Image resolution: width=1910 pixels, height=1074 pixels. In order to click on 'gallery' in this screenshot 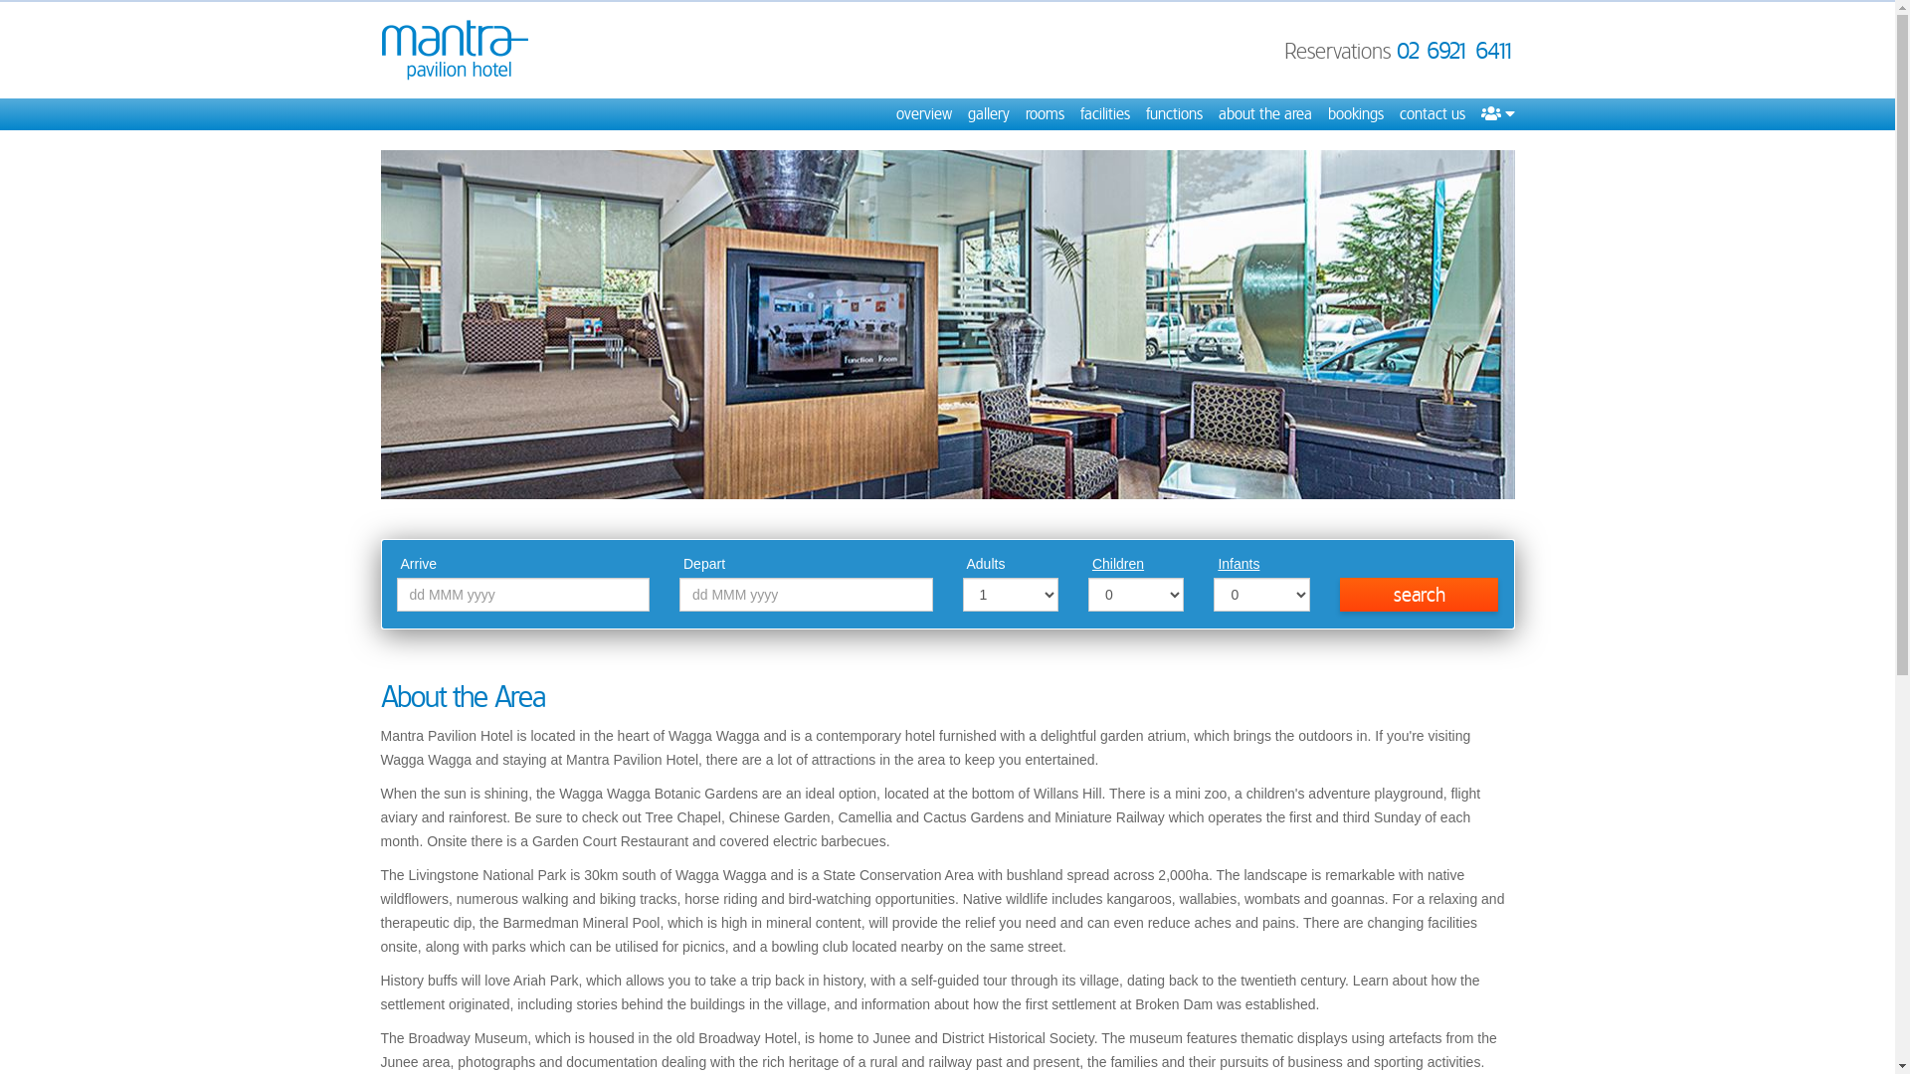, I will do `click(966, 114)`.